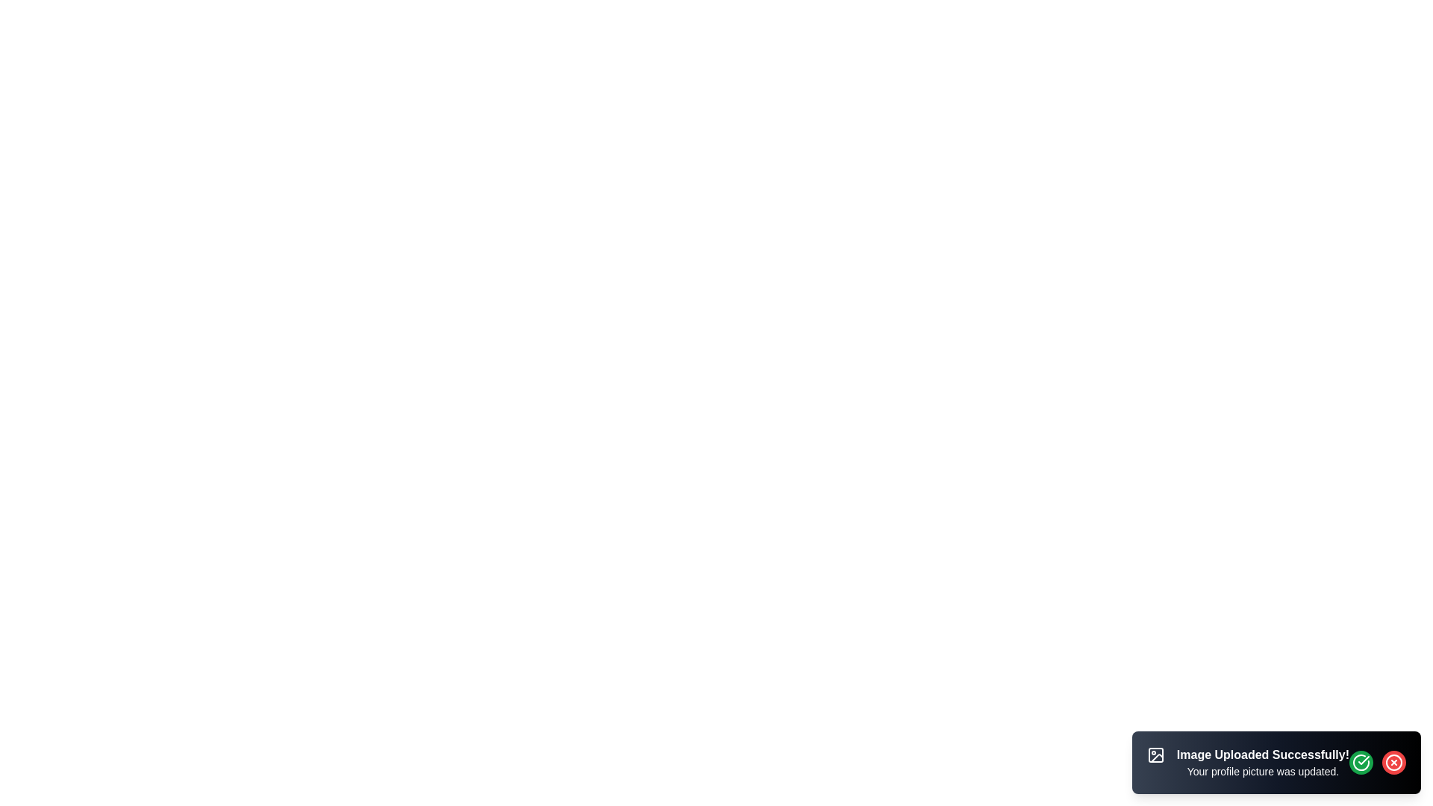 This screenshot has height=806, width=1433. What do you see at coordinates (1393, 763) in the screenshot?
I see `the close button to dismiss the snackbar` at bounding box center [1393, 763].